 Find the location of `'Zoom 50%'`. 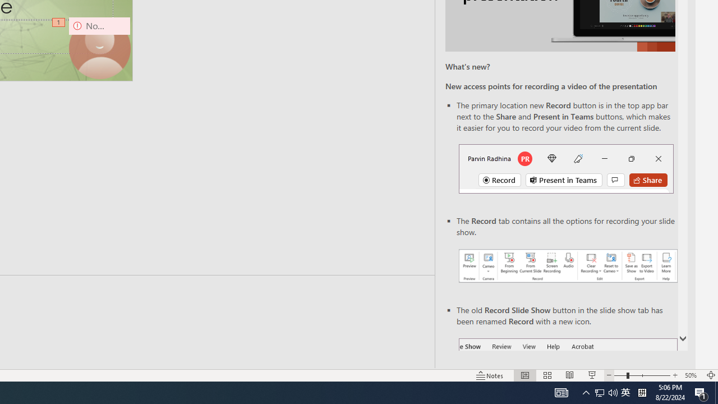

'Zoom 50%' is located at coordinates (692, 375).